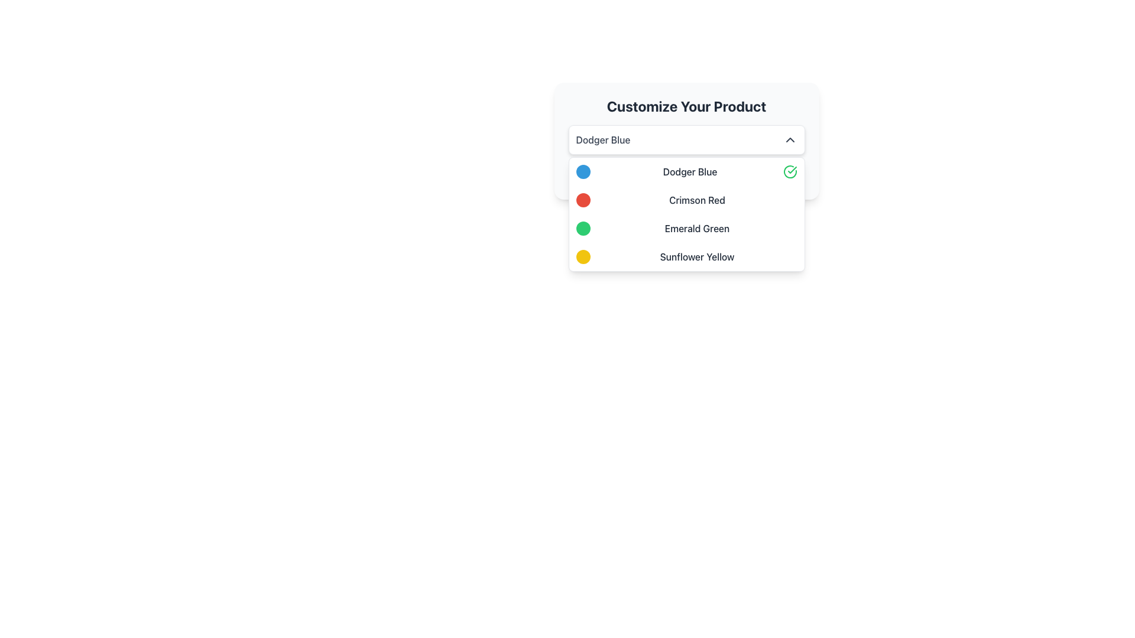  What do you see at coordinates (686, 214) in the screenshot?
I see `the dropdown menu option` at bounding box center [686, 214].